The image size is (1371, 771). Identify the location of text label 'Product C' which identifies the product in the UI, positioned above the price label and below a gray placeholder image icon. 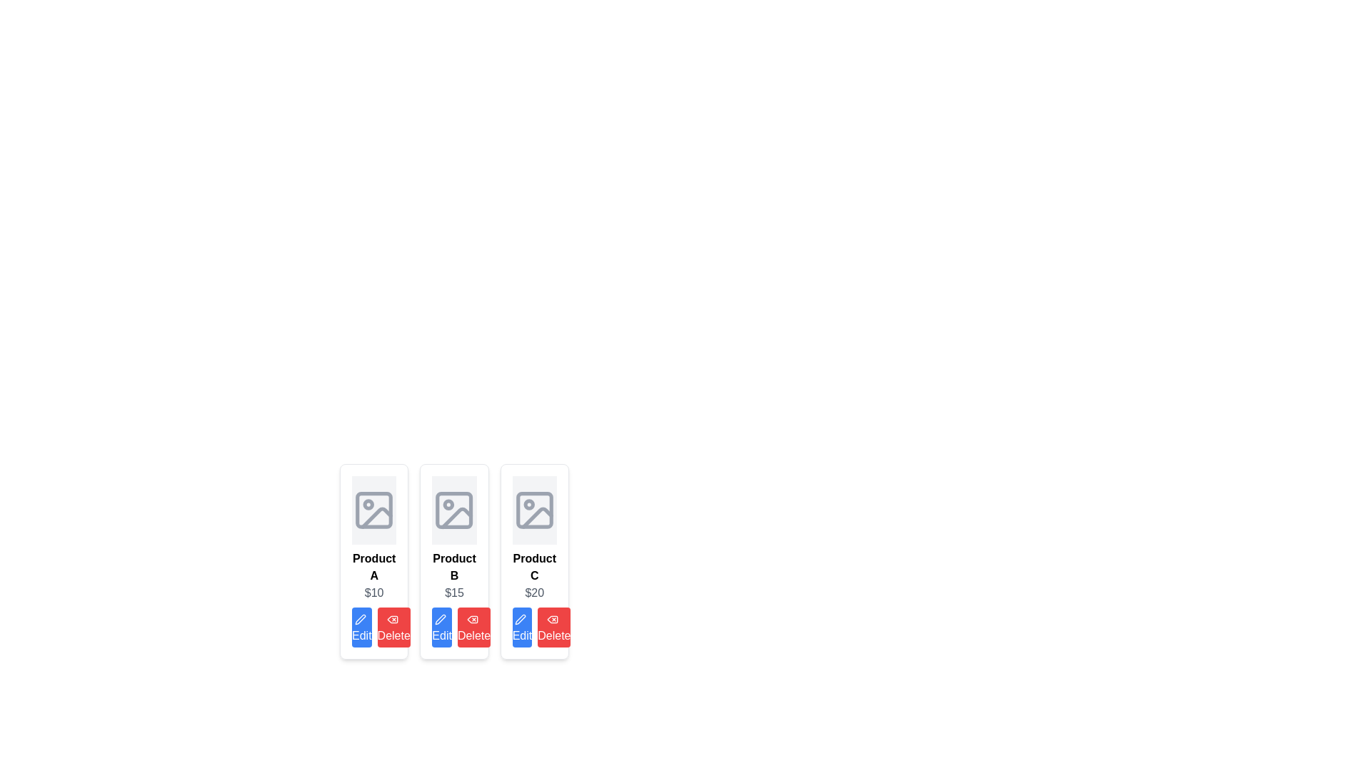
(533, 566).